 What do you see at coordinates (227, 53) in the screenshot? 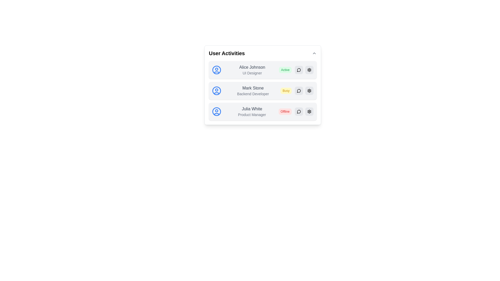
I see `the Text Display element that serves as a title or heading located at the top-left corner of the content card, above the list of user profiles` at bounding box center [227, 53].